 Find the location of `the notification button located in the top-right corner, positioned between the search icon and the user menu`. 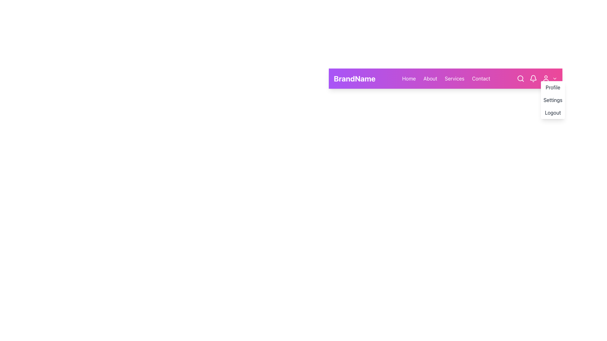

the notification button located in the top-right corner, positioned between the search icon and the user menu is located at coordinates (533, 78).